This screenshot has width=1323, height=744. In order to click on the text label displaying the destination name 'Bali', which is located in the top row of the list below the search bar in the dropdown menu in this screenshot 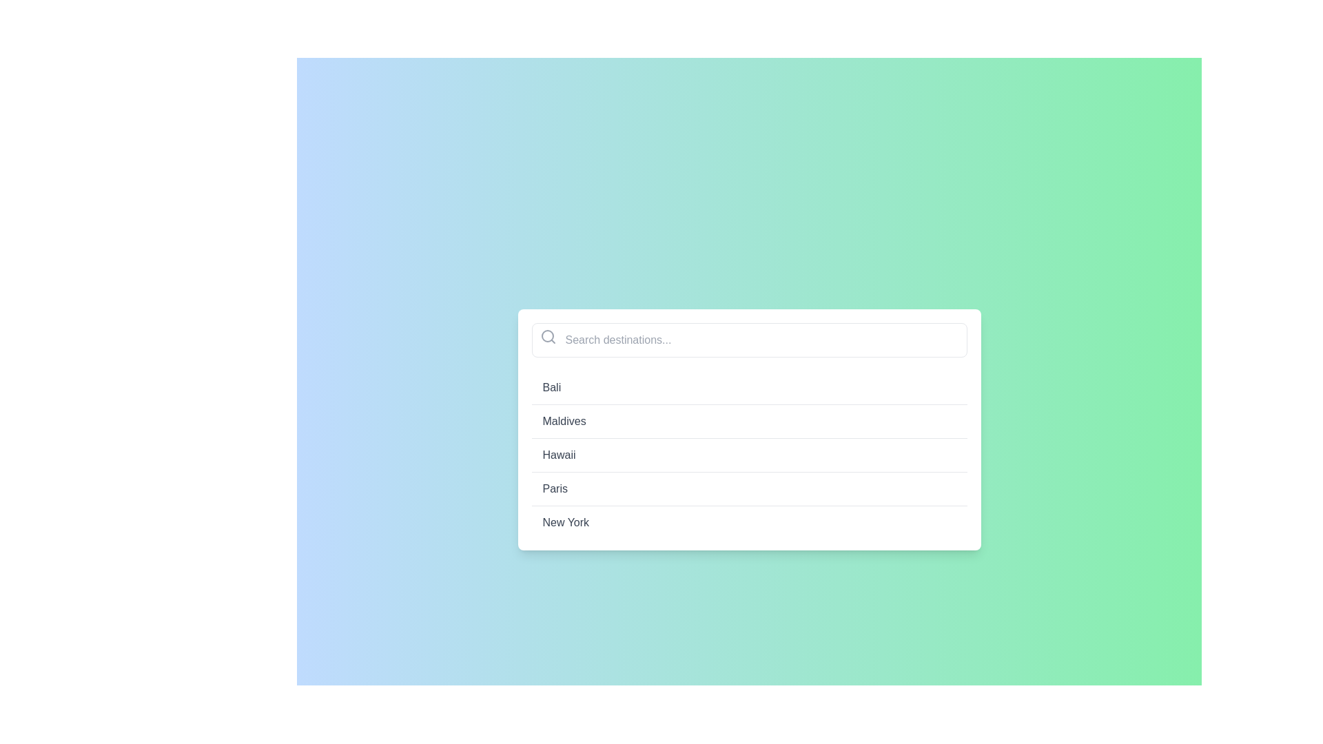, I will do `click(551, 388)`.